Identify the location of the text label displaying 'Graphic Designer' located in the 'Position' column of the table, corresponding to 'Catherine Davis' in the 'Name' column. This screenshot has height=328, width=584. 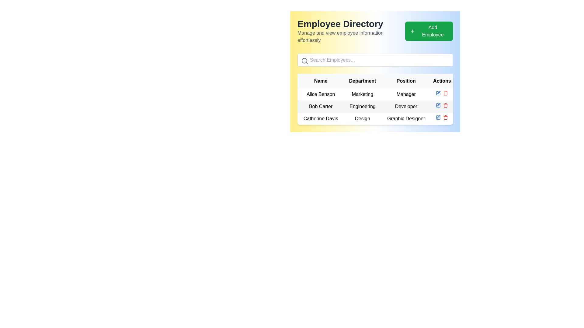
(406, 118).